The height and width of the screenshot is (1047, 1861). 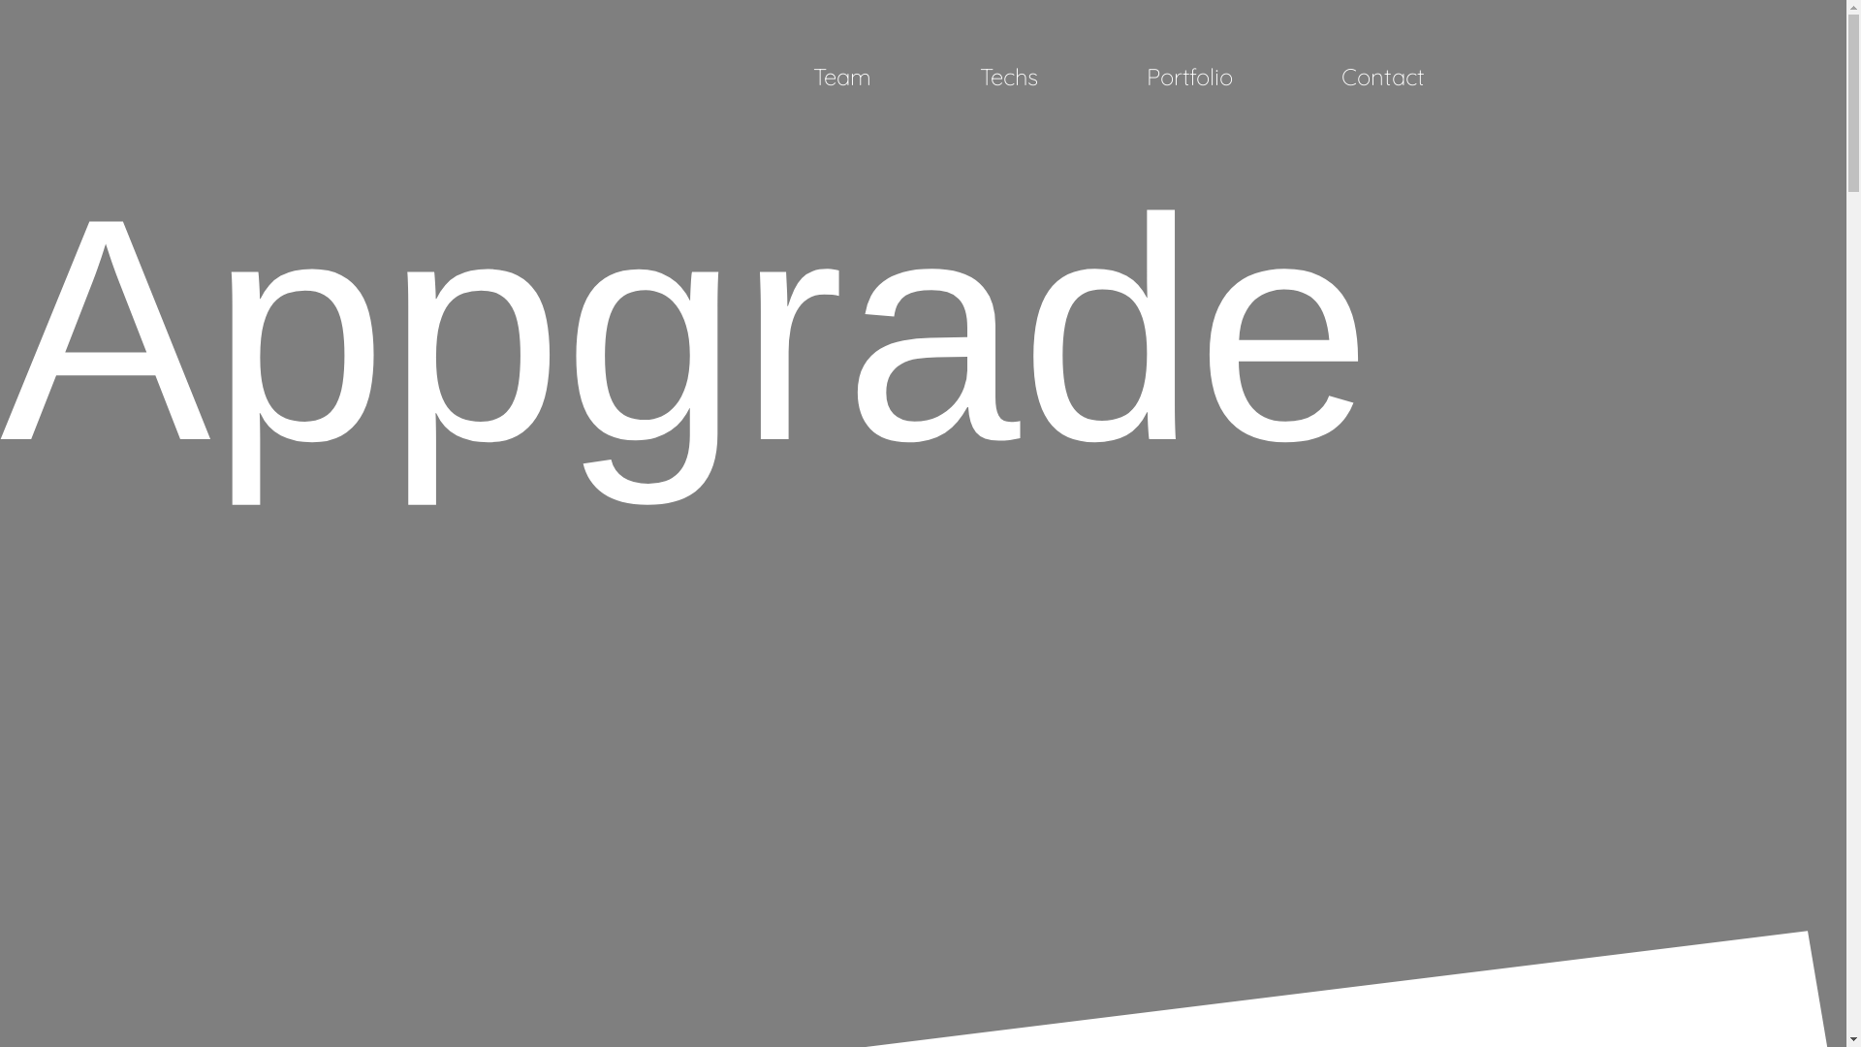 I want to click on 'Techs', so click(x=1008, y=75).